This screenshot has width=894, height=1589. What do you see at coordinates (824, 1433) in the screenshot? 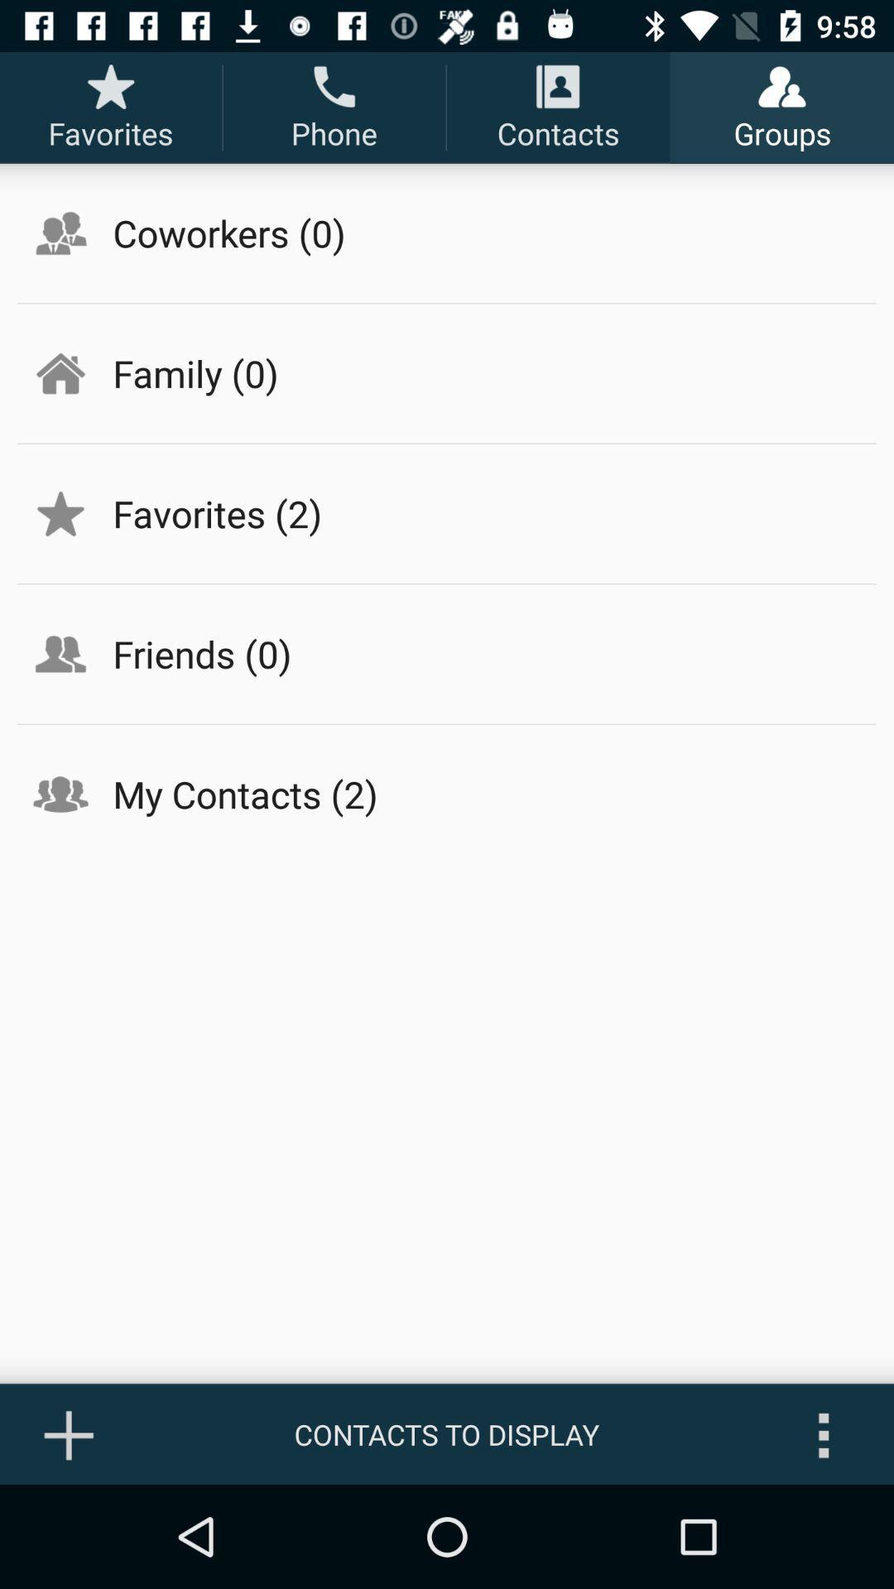
I see `icon next to contacts to display icon` at bounding box center [824, 1433].